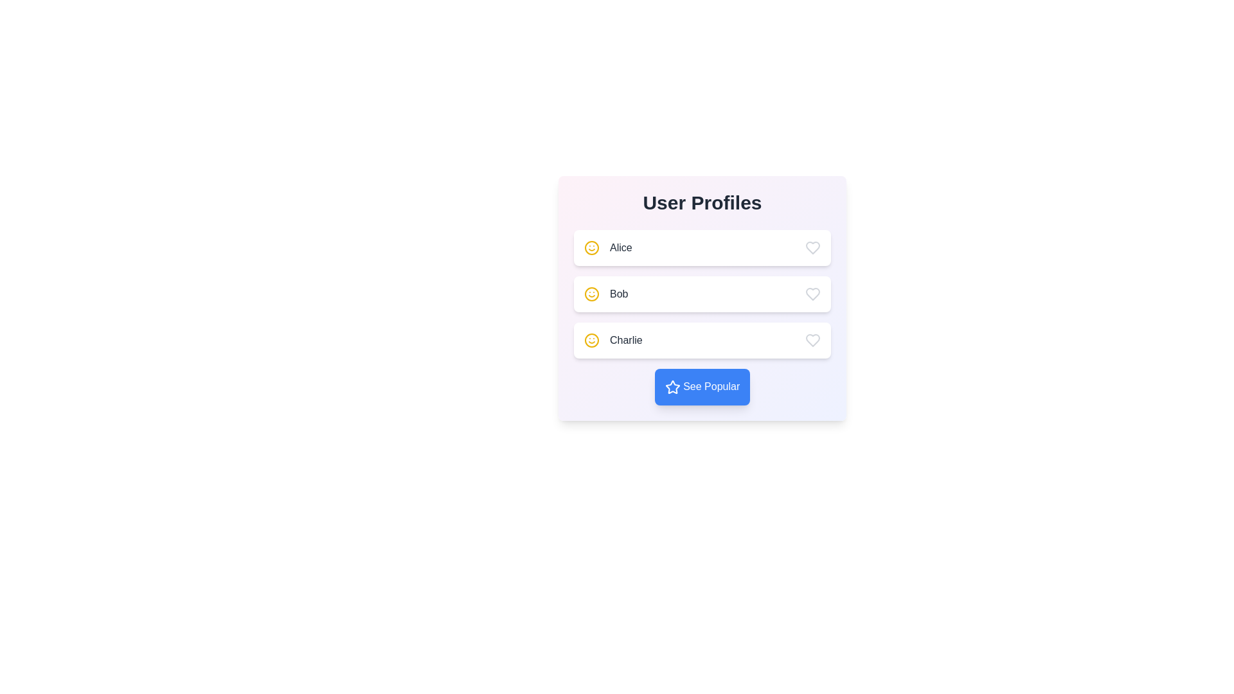 The width and height of the screenshot is (1234, 694). I want to click on the favorite button located at the far right of the second user profile entry labeled 'Bob', so click(812, 294).